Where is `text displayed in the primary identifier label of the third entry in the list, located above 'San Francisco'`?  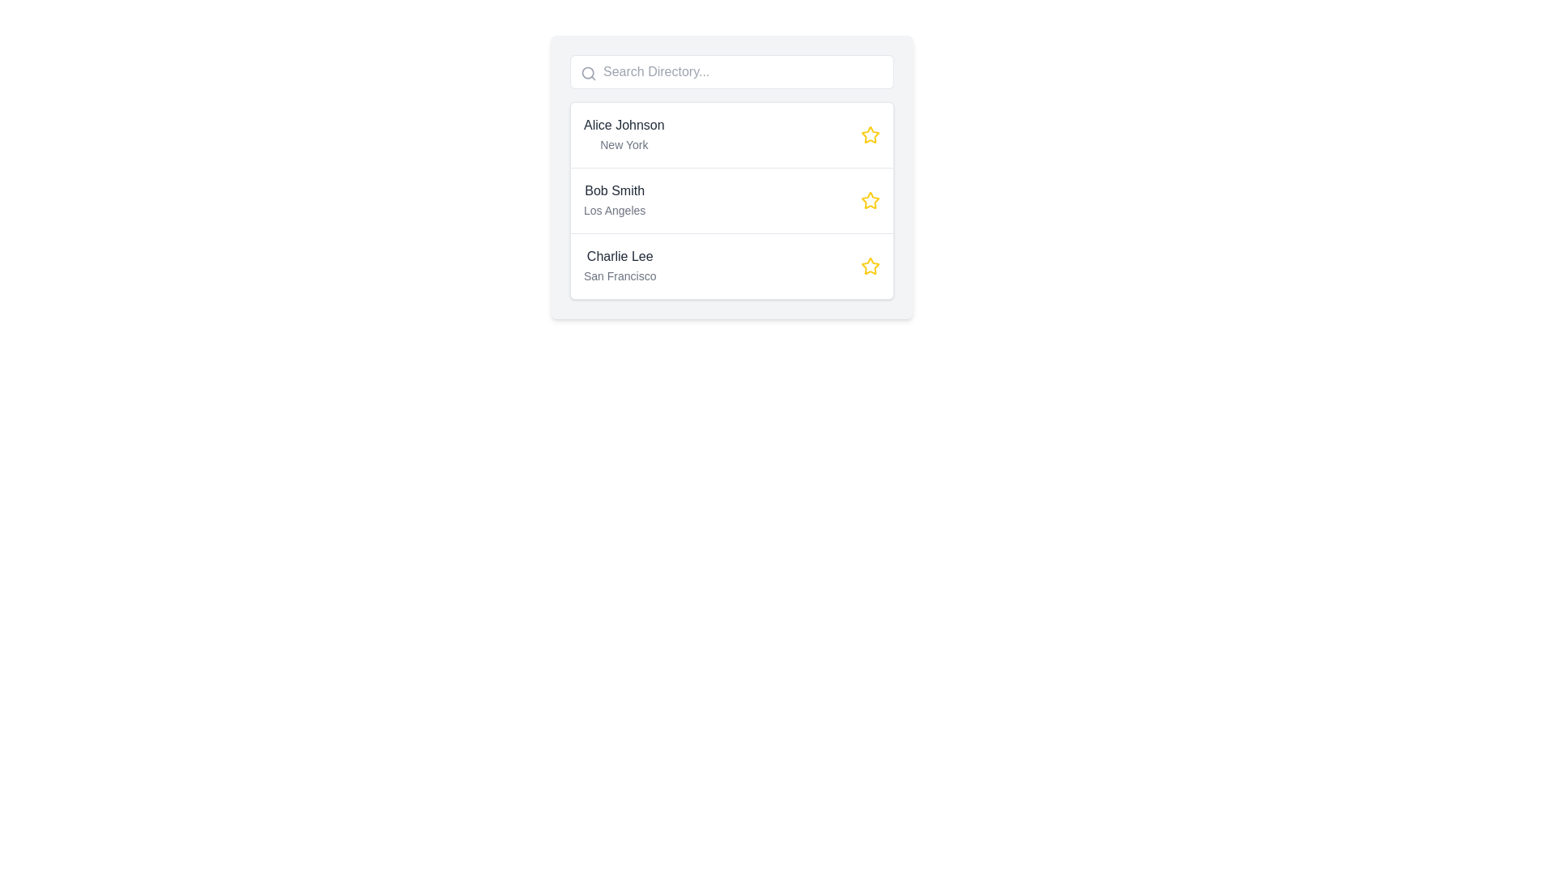 text displayed in the primary identifier label of the third entry in the list, located above 'San Francisco' is located at coordinates (619, 255).